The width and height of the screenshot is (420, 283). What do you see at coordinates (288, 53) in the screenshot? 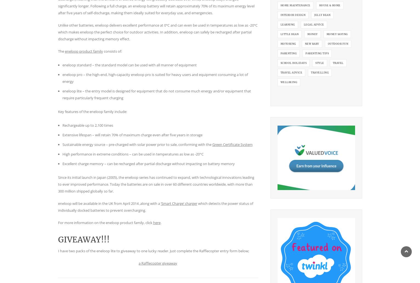
I see `'parenting'` at bounding box center [288, 53].